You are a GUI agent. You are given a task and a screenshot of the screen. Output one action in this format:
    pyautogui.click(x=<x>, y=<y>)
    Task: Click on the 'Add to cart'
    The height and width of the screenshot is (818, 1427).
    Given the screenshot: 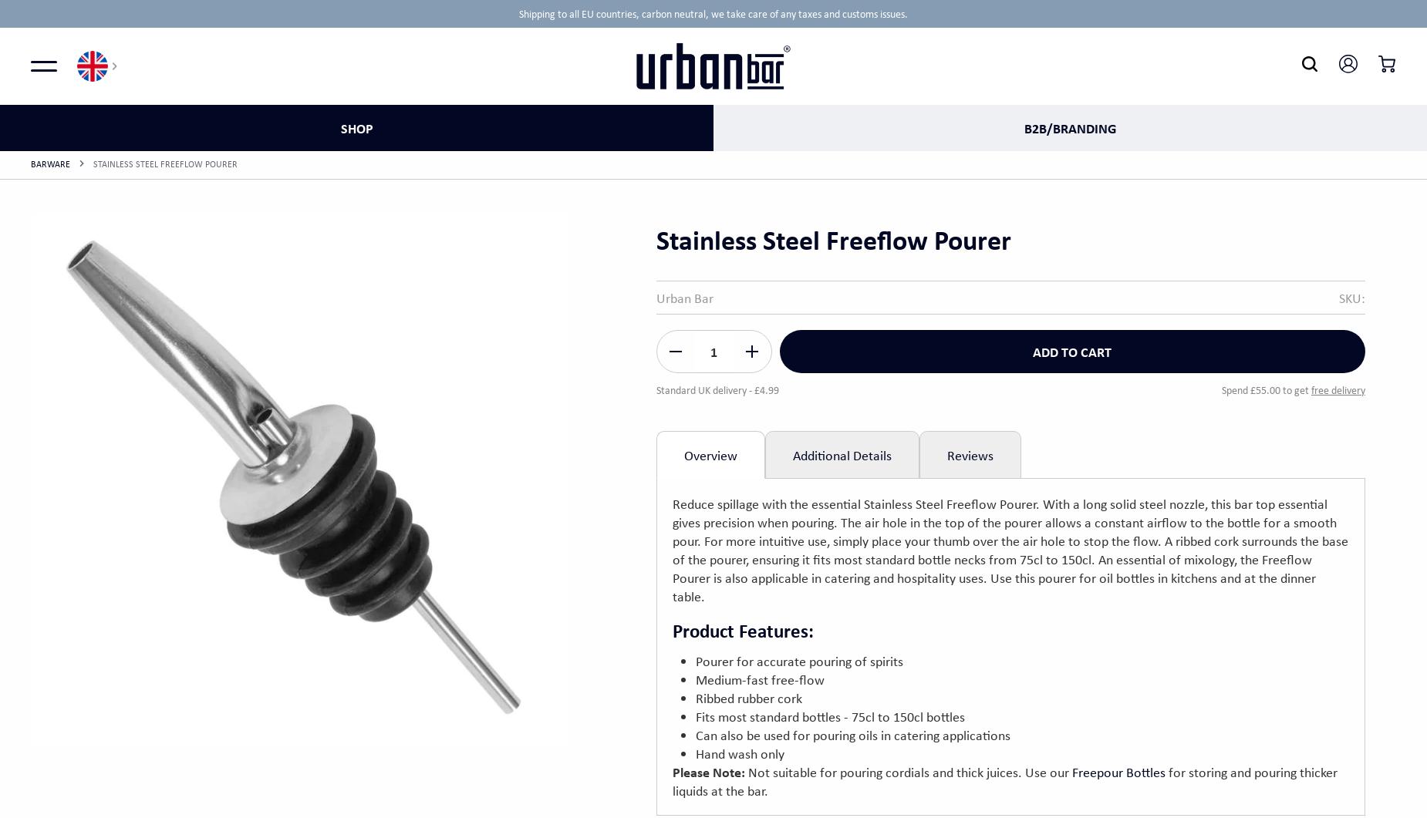 What is the action you would take?
    pyautogui.click(x=1072, y=352)
    